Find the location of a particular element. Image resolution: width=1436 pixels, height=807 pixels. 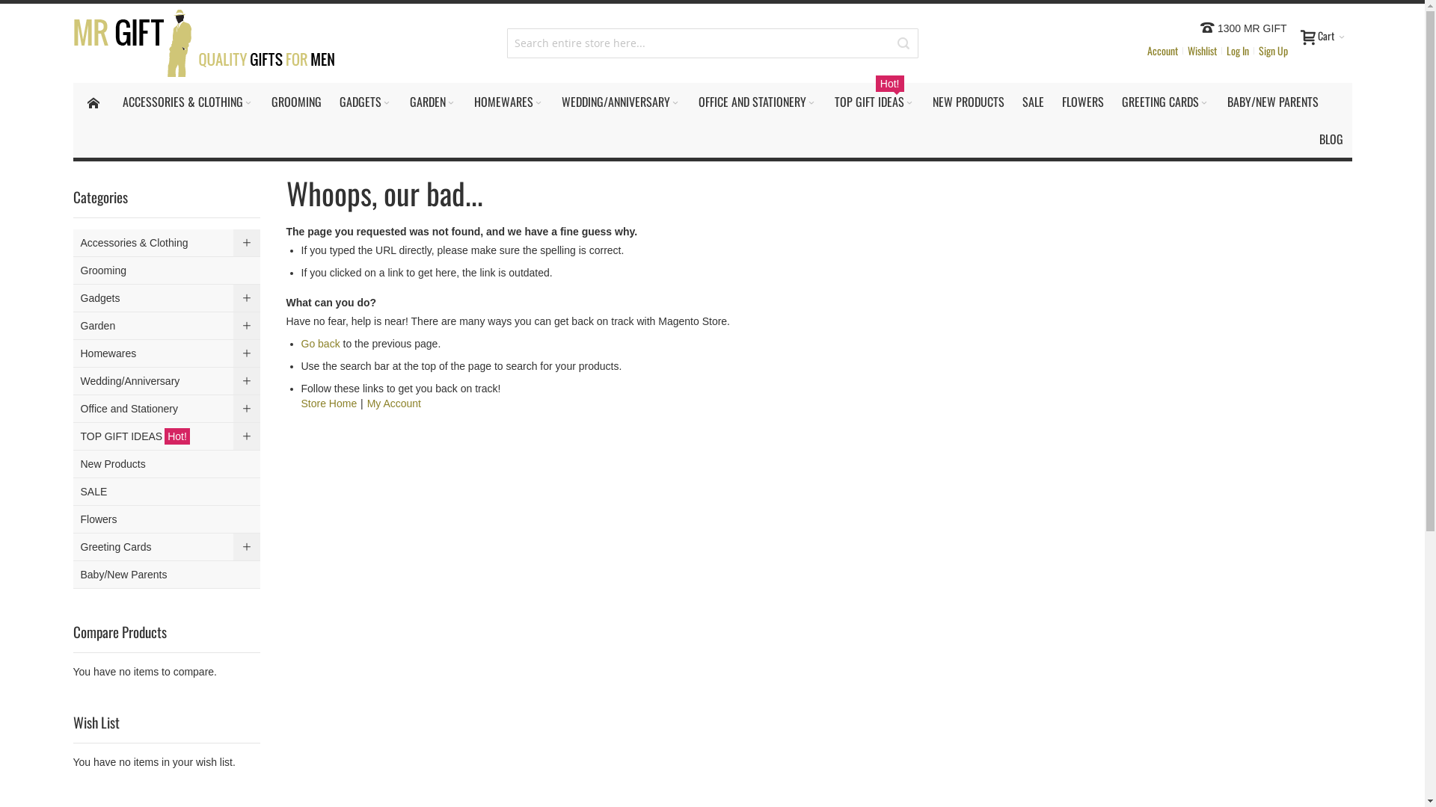

'Sign Up' is located at coordinates (1272, 50).